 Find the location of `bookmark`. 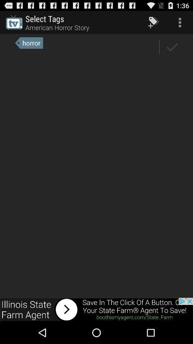

bookmark is located at coordinates (172, 47).